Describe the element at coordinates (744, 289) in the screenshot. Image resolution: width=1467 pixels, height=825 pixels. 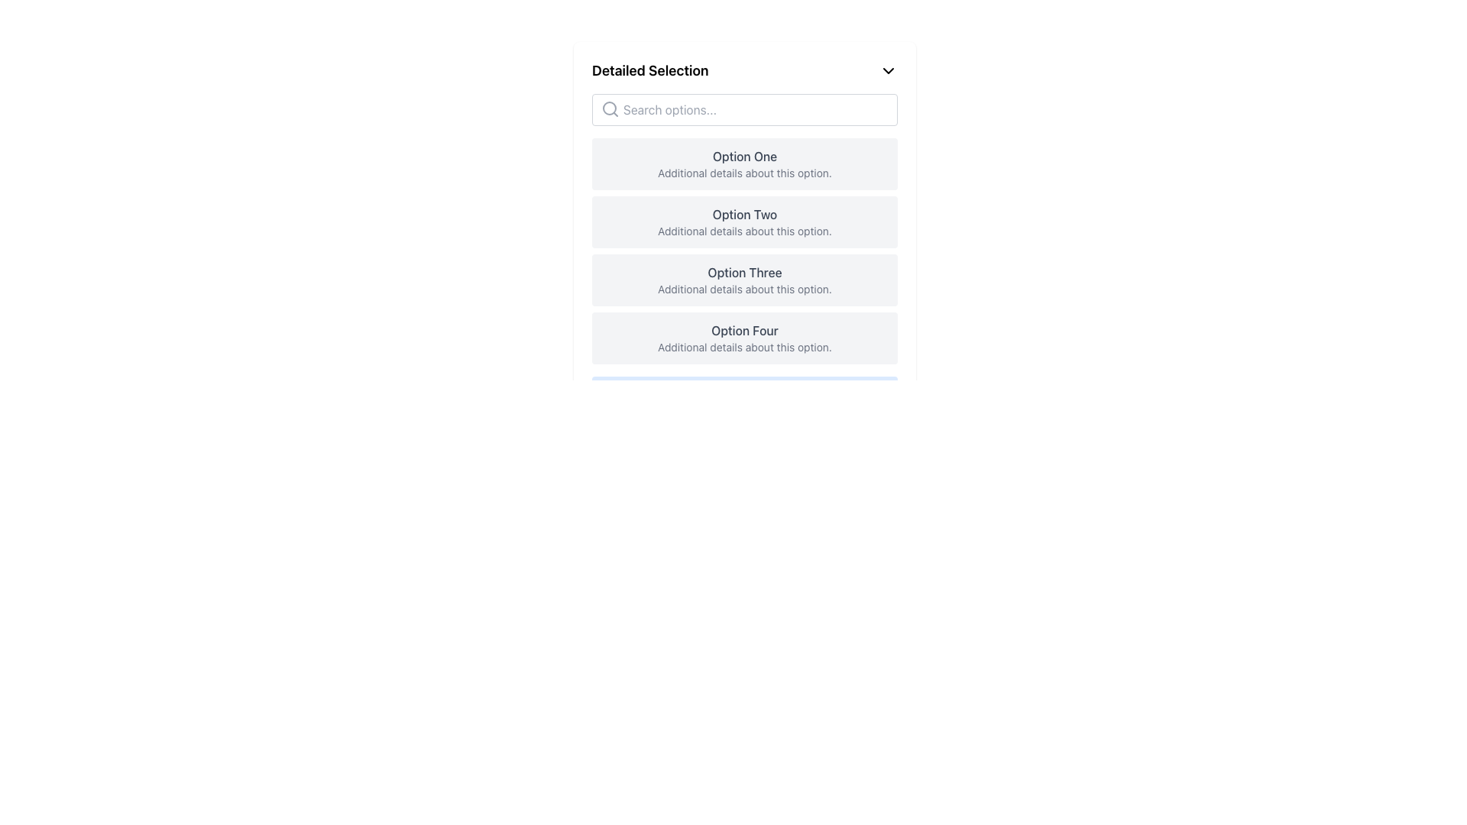
I see `the descriptive text label reading 'Additional details about this option.' which is positioned below the bolded text 'Option Three' in the third list item` at that location.